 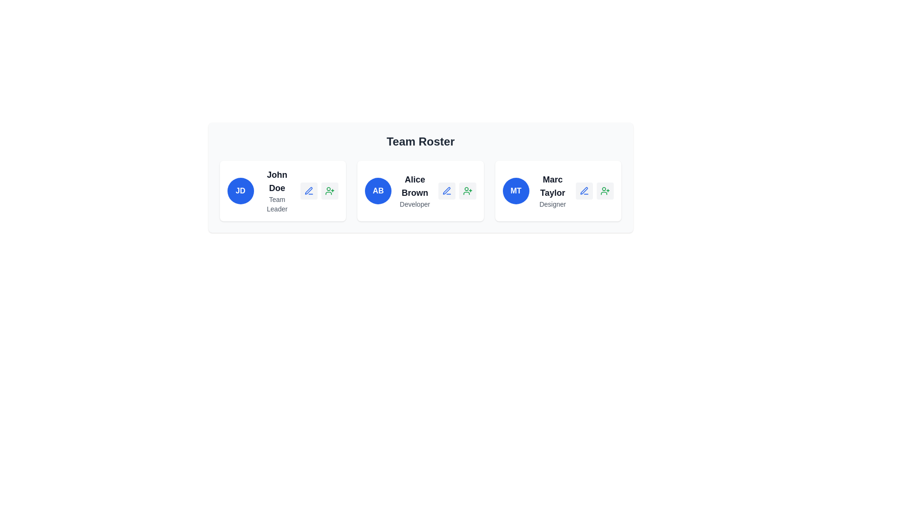 I want to click on text label that says 'Designer,' which is styled with a small font size and gray color, located directly below the name 'Marc Taylor' in the third team member card on the far right, so click(x=553, y=204).